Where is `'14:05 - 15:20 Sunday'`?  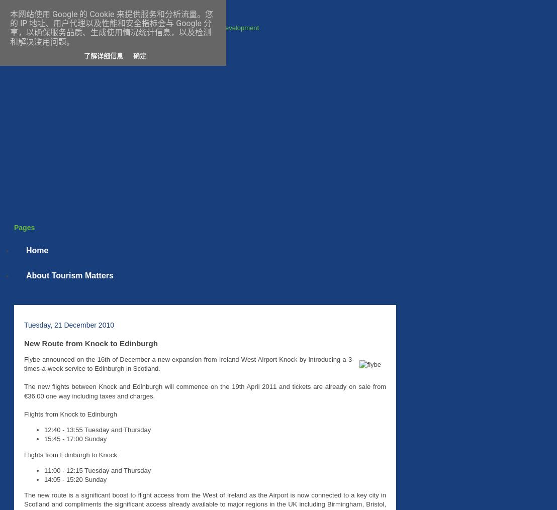 '14:05 - 15:20 Sunday' is located at coordinates (75, 479).